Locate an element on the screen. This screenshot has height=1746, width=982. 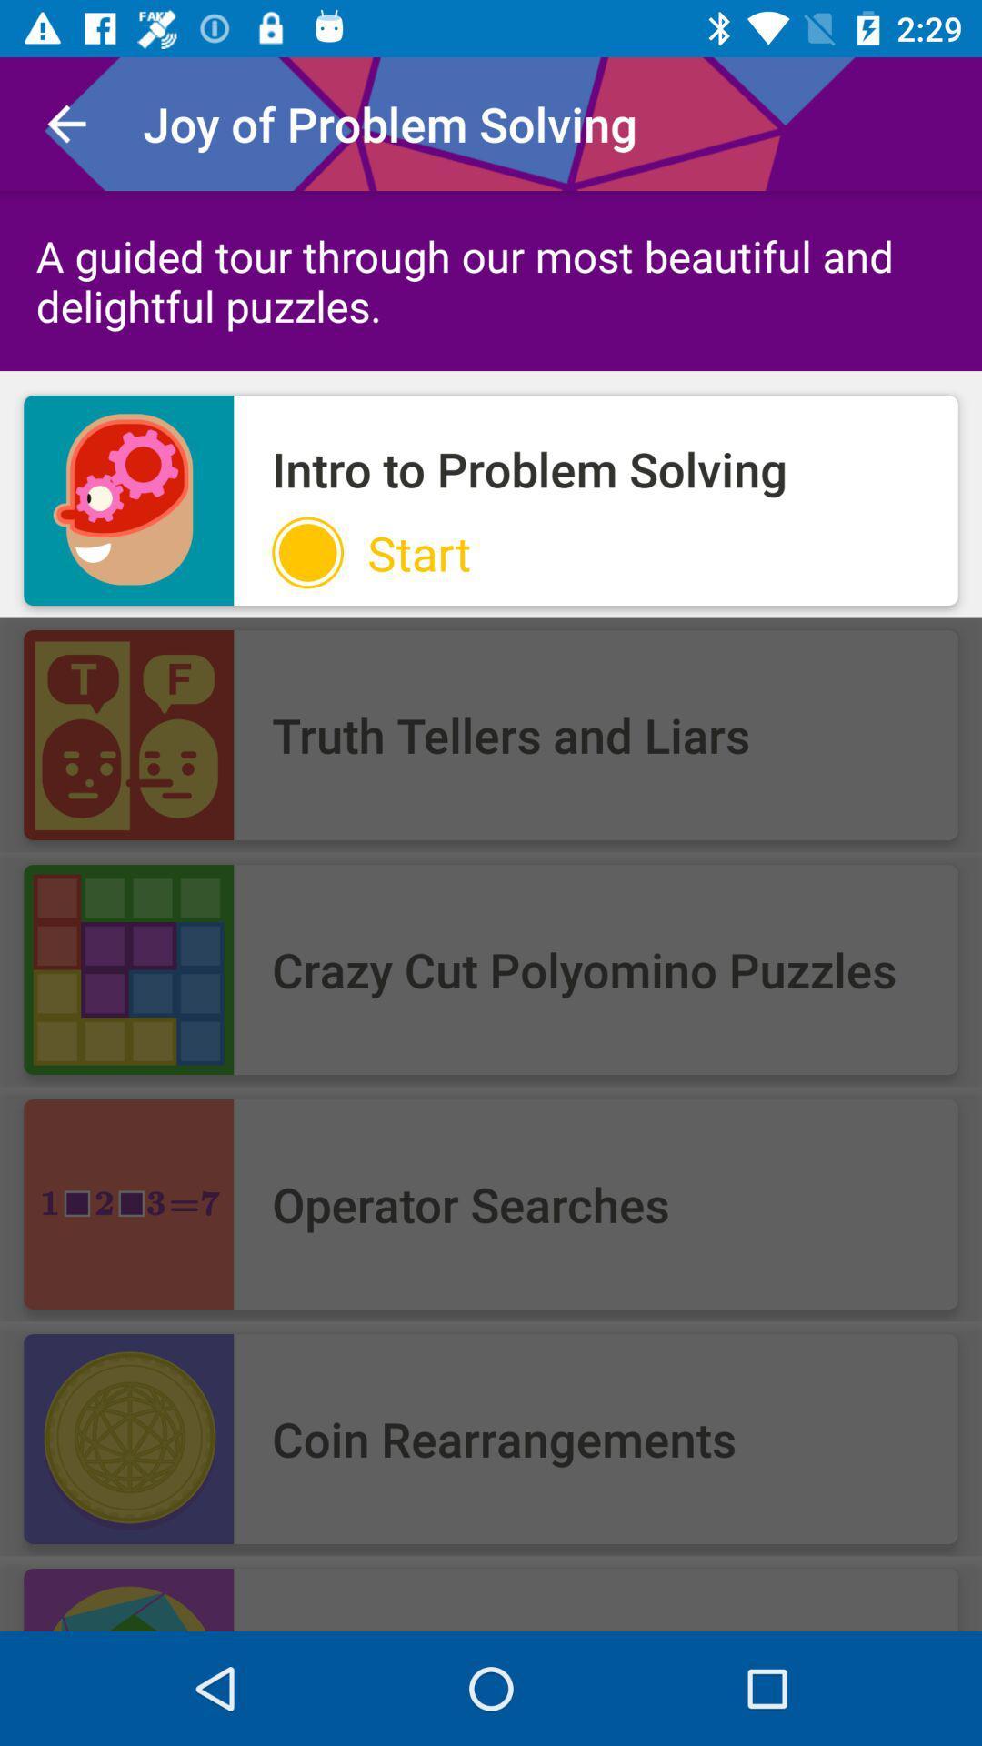
app next to joy of problem is located at coordinates (65, 123).